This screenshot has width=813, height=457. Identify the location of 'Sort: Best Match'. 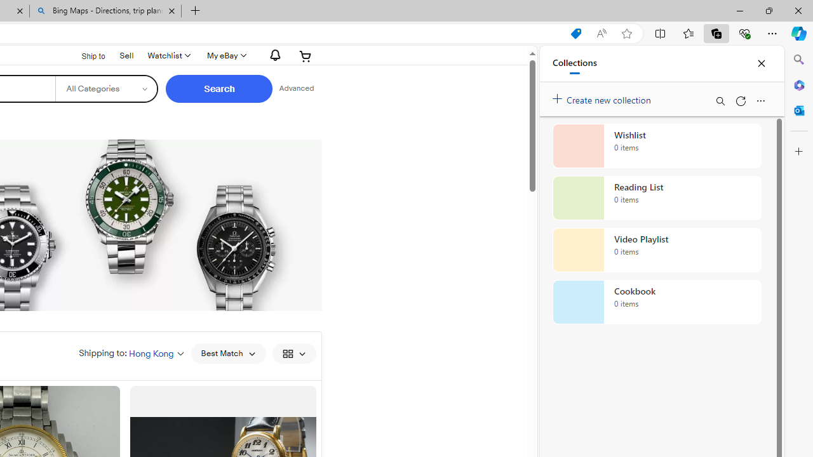
(228, 353).